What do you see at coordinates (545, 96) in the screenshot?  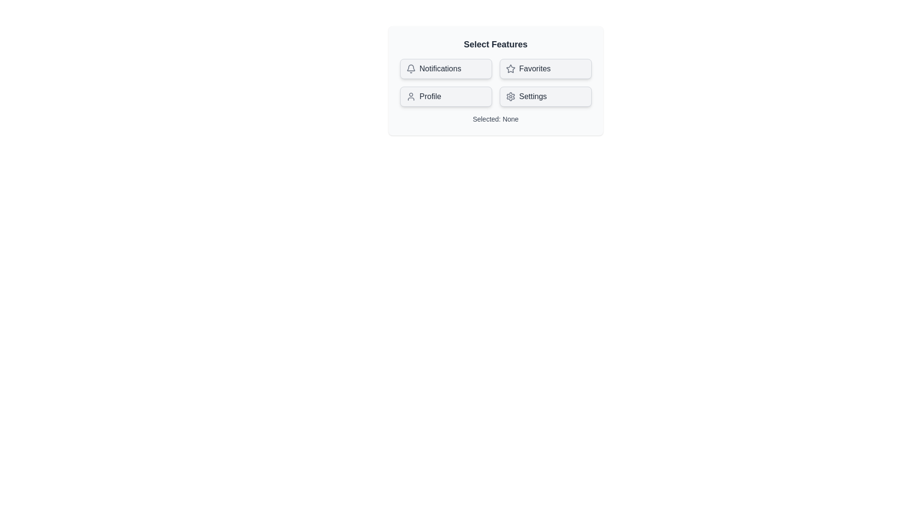 I see `the 'Settings' chip to toggle its state` at bounding box center [545, 96].